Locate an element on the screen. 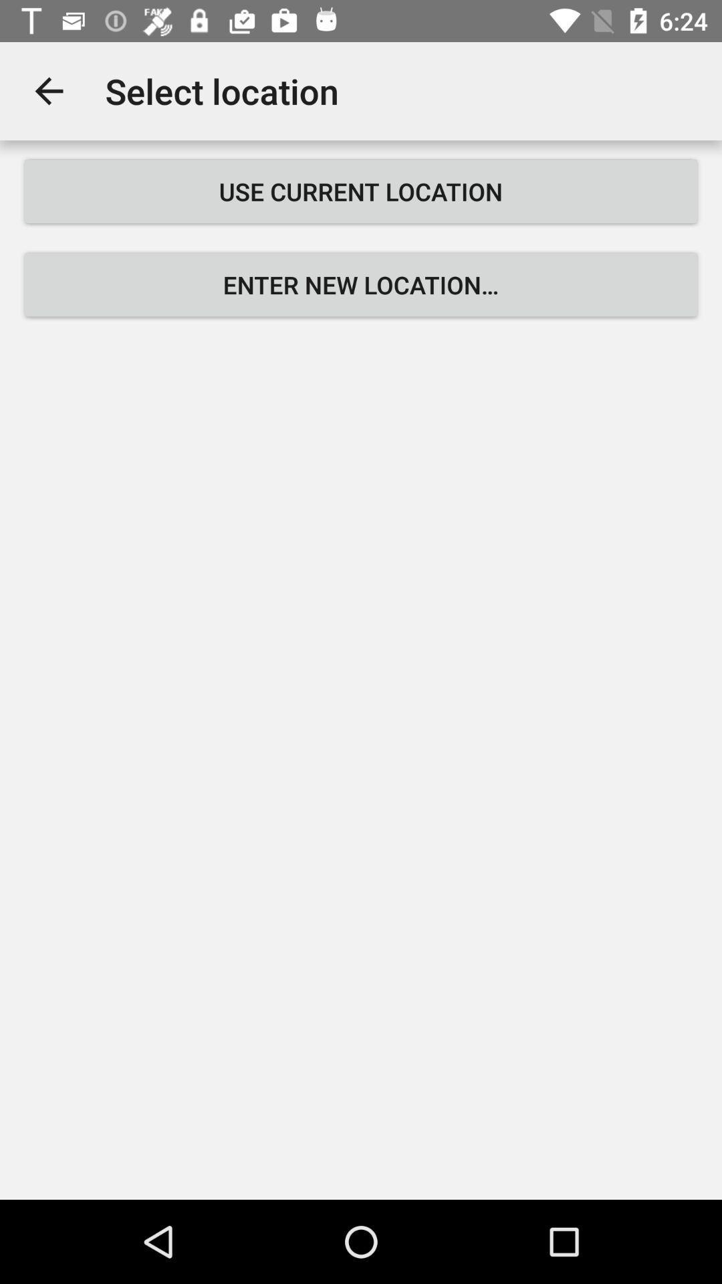 The width and height of the screenshot is (722, 1284). icon above the use current location is located at coordinates (48, 90).